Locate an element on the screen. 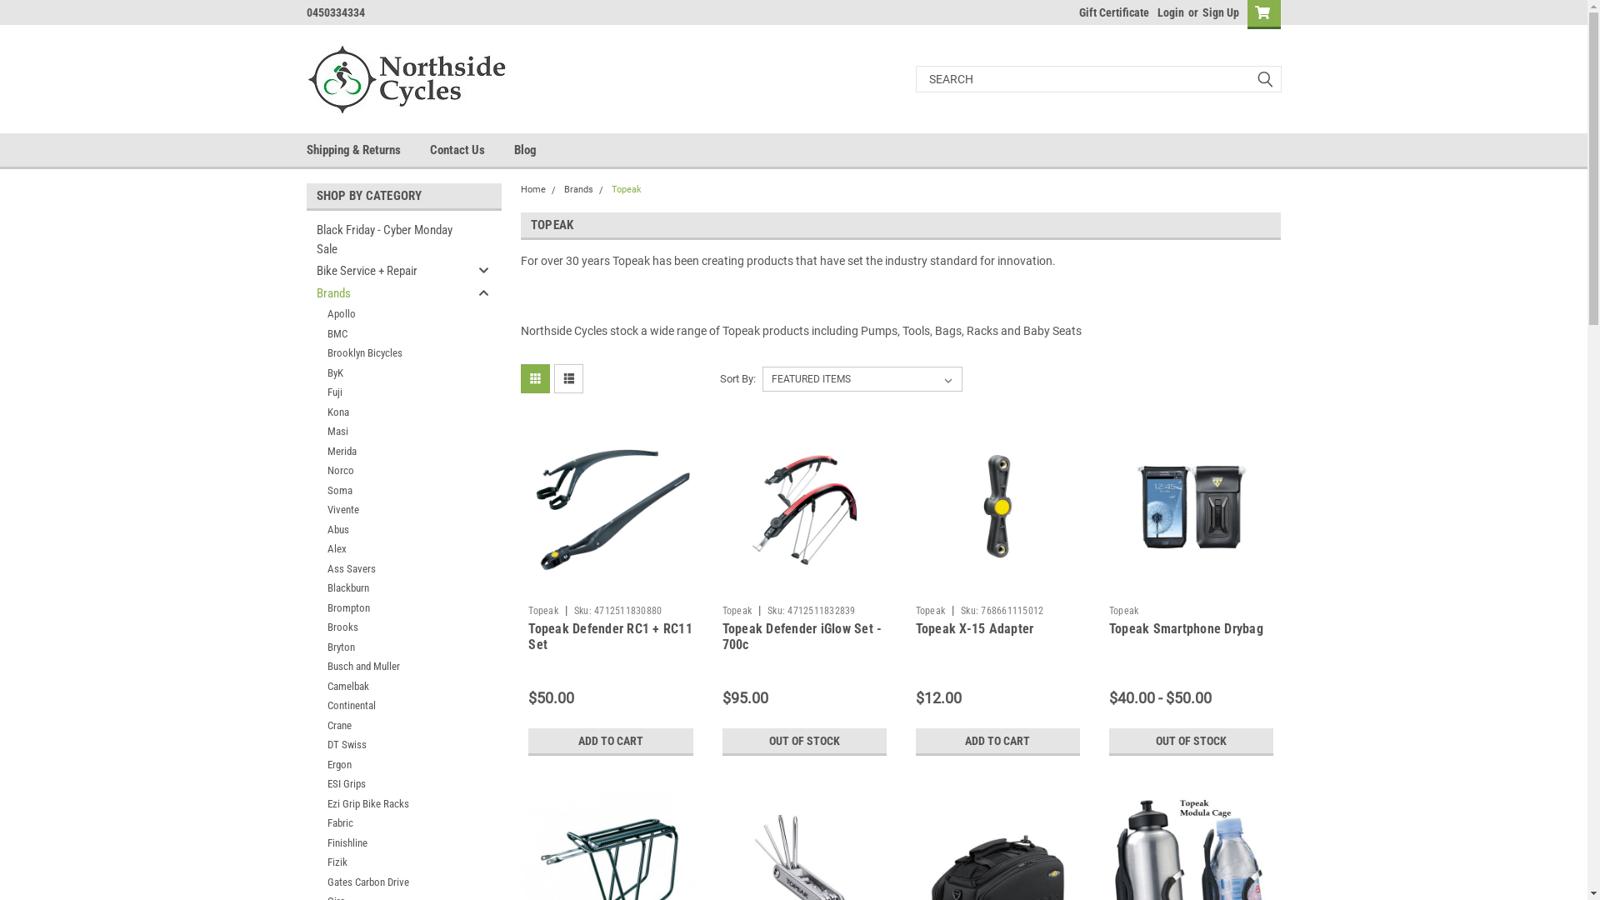 The width and height of the screenshot is (1600, 900). 'Crane' is located at coordinates (307, 724).